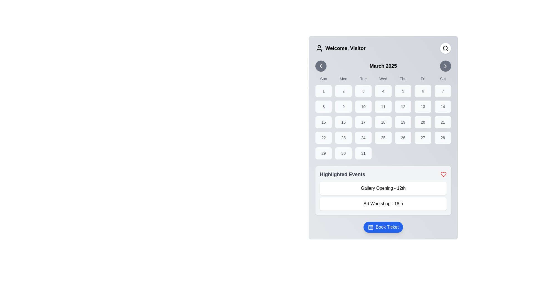 The width and height of the screenshot is (534, 300). Describe the element at coordinates (383, 122) in the screenshot. I see `the Calendar date box displaying the number '18'` at that location.